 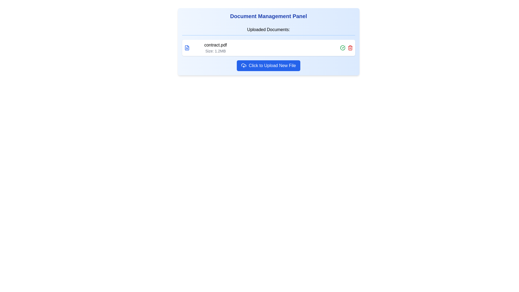 I want to click on the interactive upload button located at the bottom section of the panel, so click(x=272, y=65).